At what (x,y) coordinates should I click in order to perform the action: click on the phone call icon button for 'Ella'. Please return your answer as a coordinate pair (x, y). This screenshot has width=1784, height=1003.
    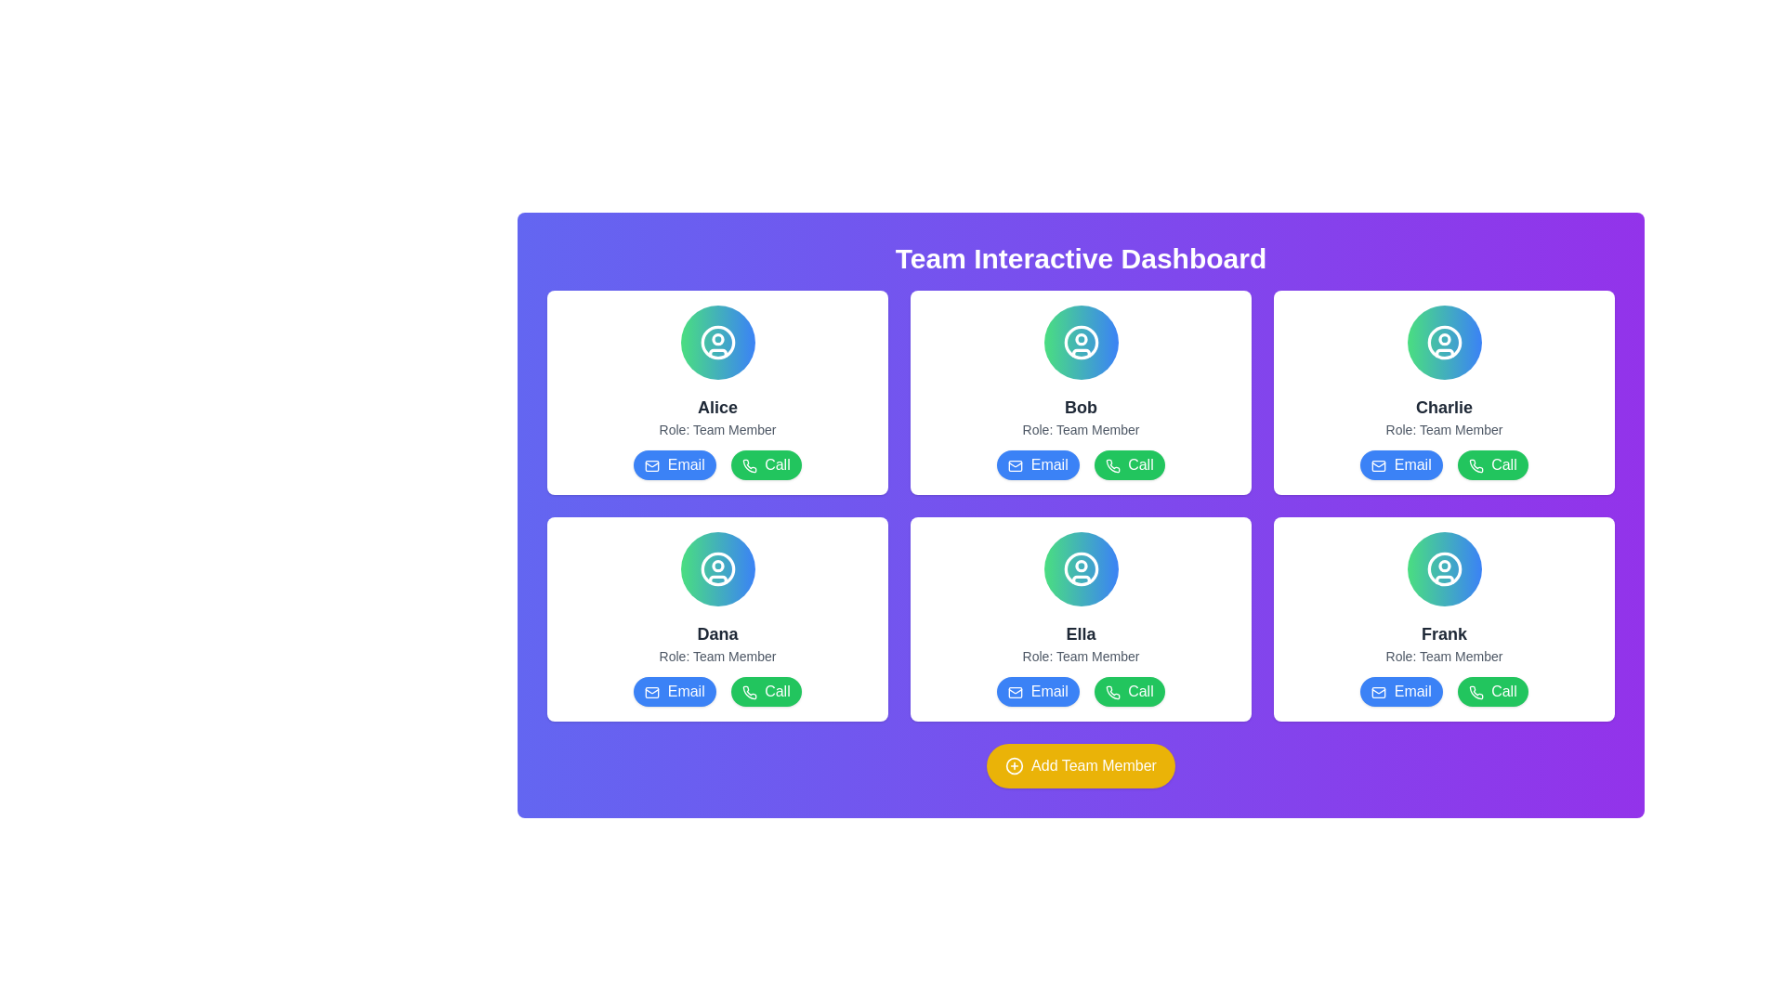
    Looking at the image, I should click on (1112, 692).